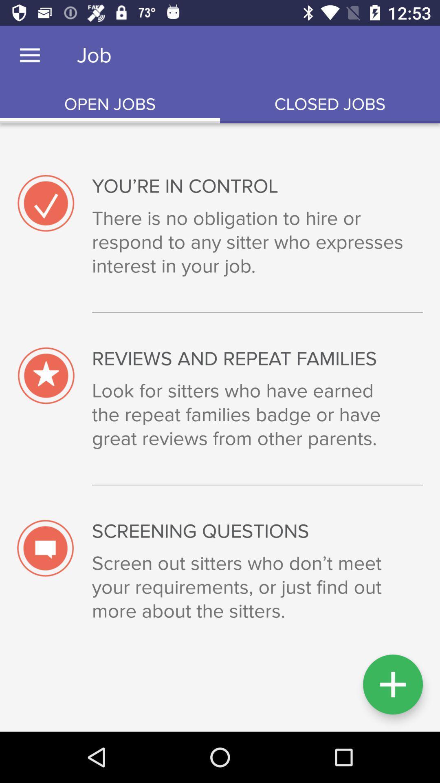 This screenshot has width=440, height=783. What do you see at coordinates (392, 684) in the screenshot?
I see `item below the screen out sitters` at bounding box center [392, 684].